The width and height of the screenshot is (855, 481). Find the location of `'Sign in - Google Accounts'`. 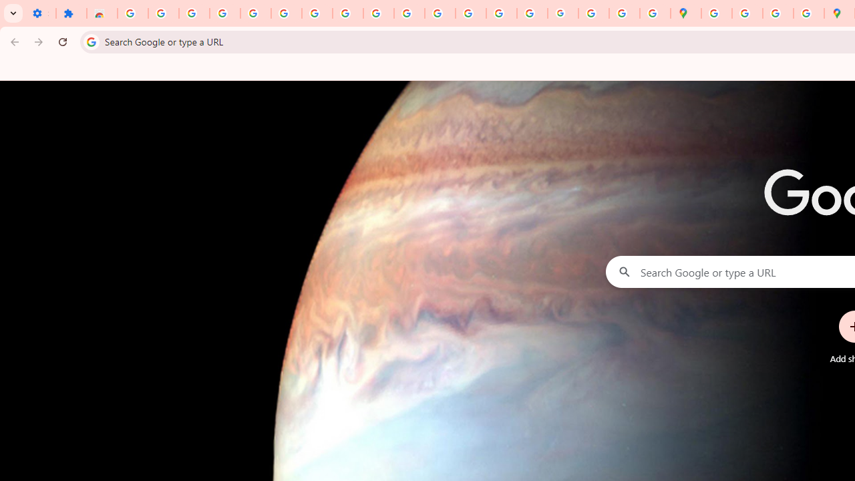

'Sign in - Google Accounts' is located at coordinates (132, 13).